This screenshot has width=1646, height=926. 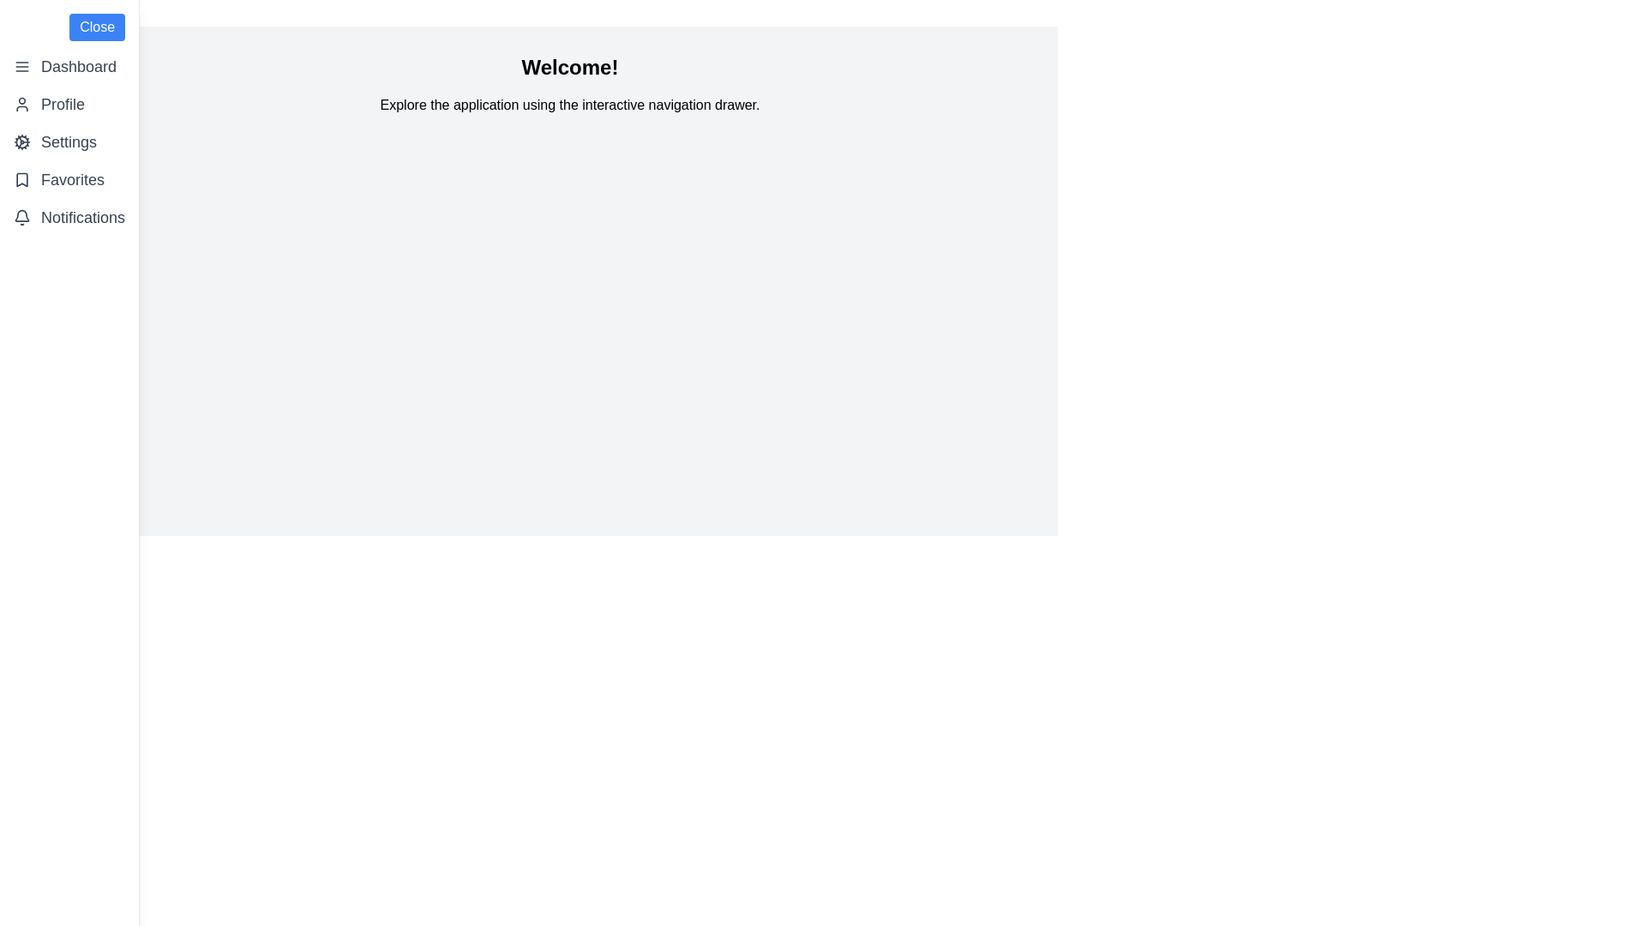 I want to click on 'Close' button to toggle the drawer's visibility, so click(x=96, y=27).